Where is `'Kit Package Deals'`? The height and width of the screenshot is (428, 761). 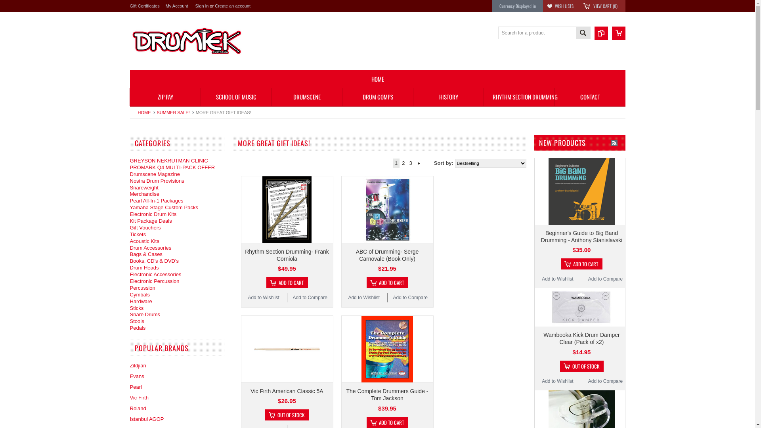
'Kit Package Deals' is located at coordinates (151, 221).